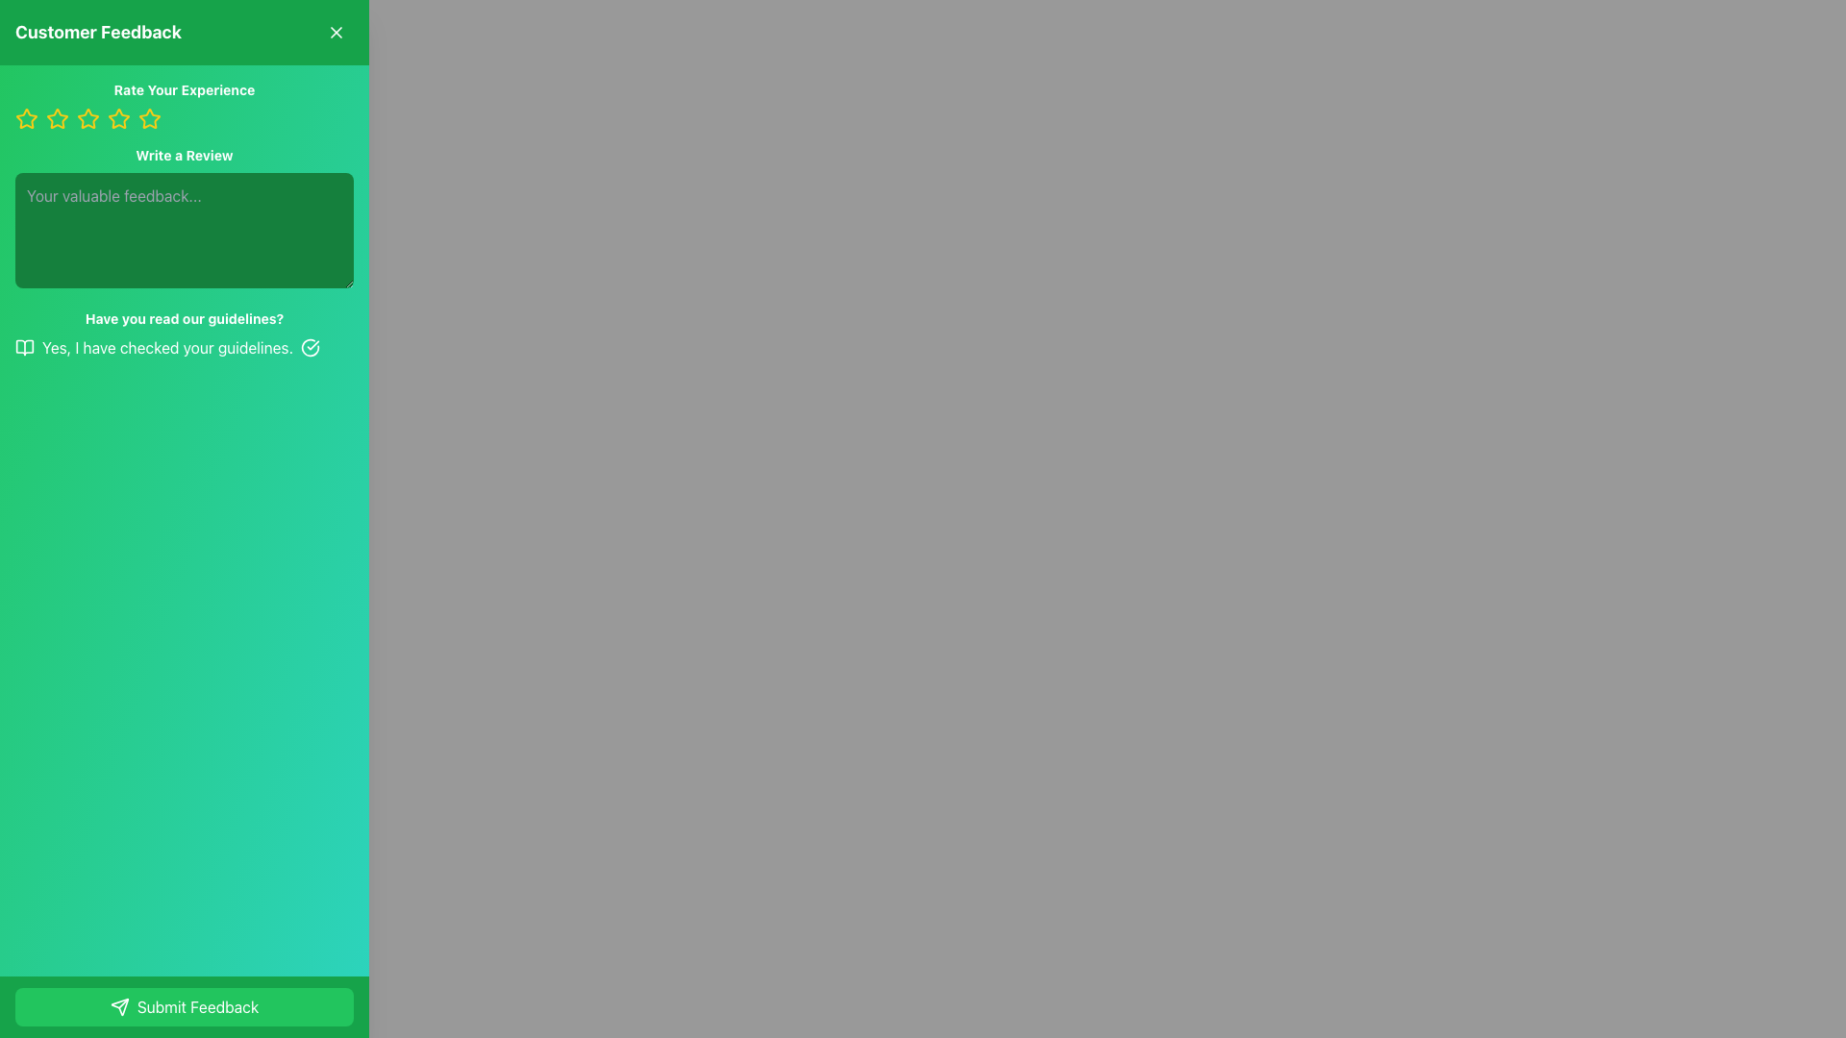 This screenshot has width=1846, height=1038. I want to click on the first star-shaped icon with a yellow outline under the 'Rate Your Experience' header, so click(27, 118).